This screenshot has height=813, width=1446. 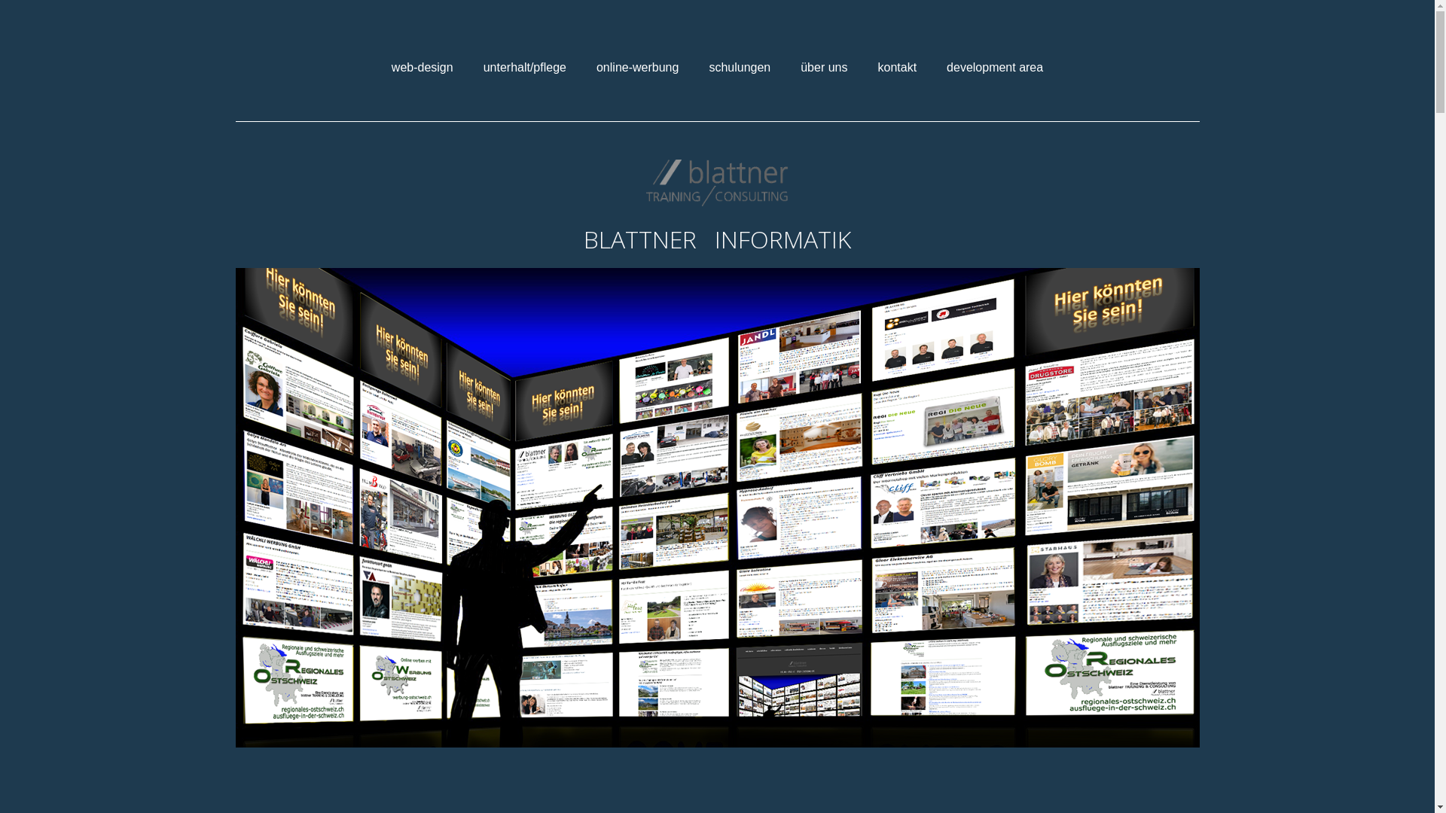 I want to click on 'kontakt', so click(x=866, y=66).